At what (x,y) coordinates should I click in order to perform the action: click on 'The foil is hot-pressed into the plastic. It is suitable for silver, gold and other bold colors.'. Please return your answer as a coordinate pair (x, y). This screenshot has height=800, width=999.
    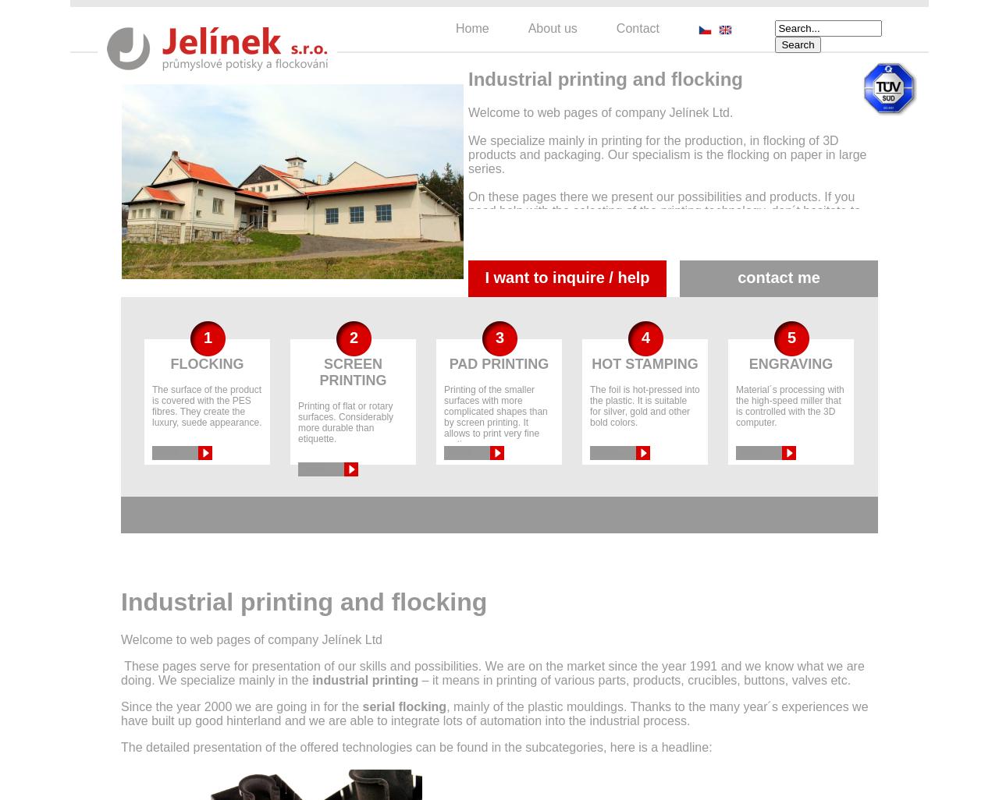
    Looking at the image, I should click on (644, 405).